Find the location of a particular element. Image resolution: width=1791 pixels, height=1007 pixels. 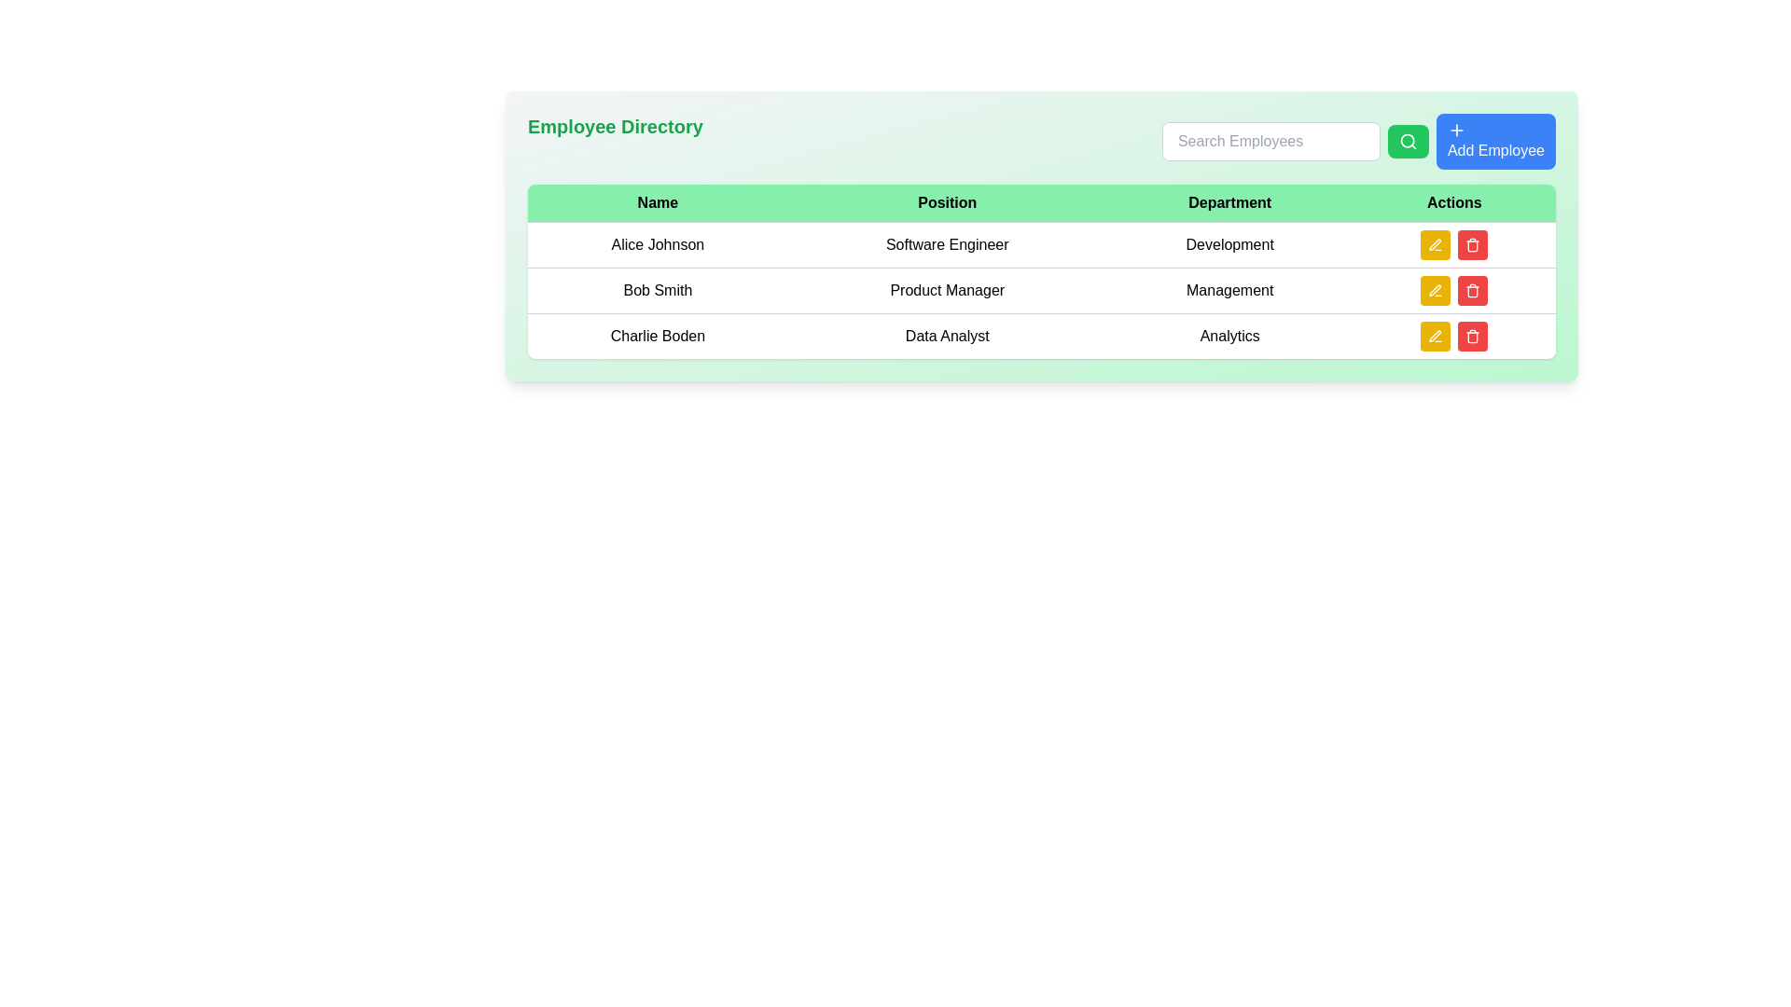

the delete button located at the far right of the table row is located at coordinates (1472, 243).